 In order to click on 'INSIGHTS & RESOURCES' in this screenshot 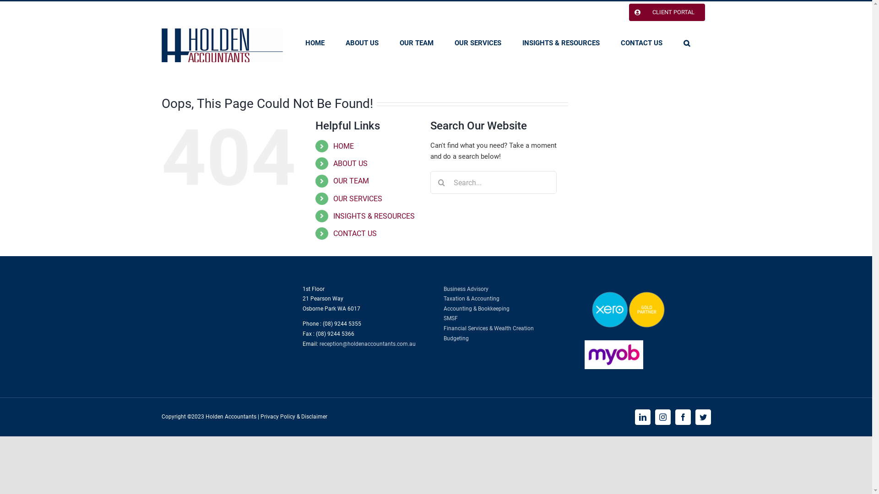, I will do `click(374, 216)`.